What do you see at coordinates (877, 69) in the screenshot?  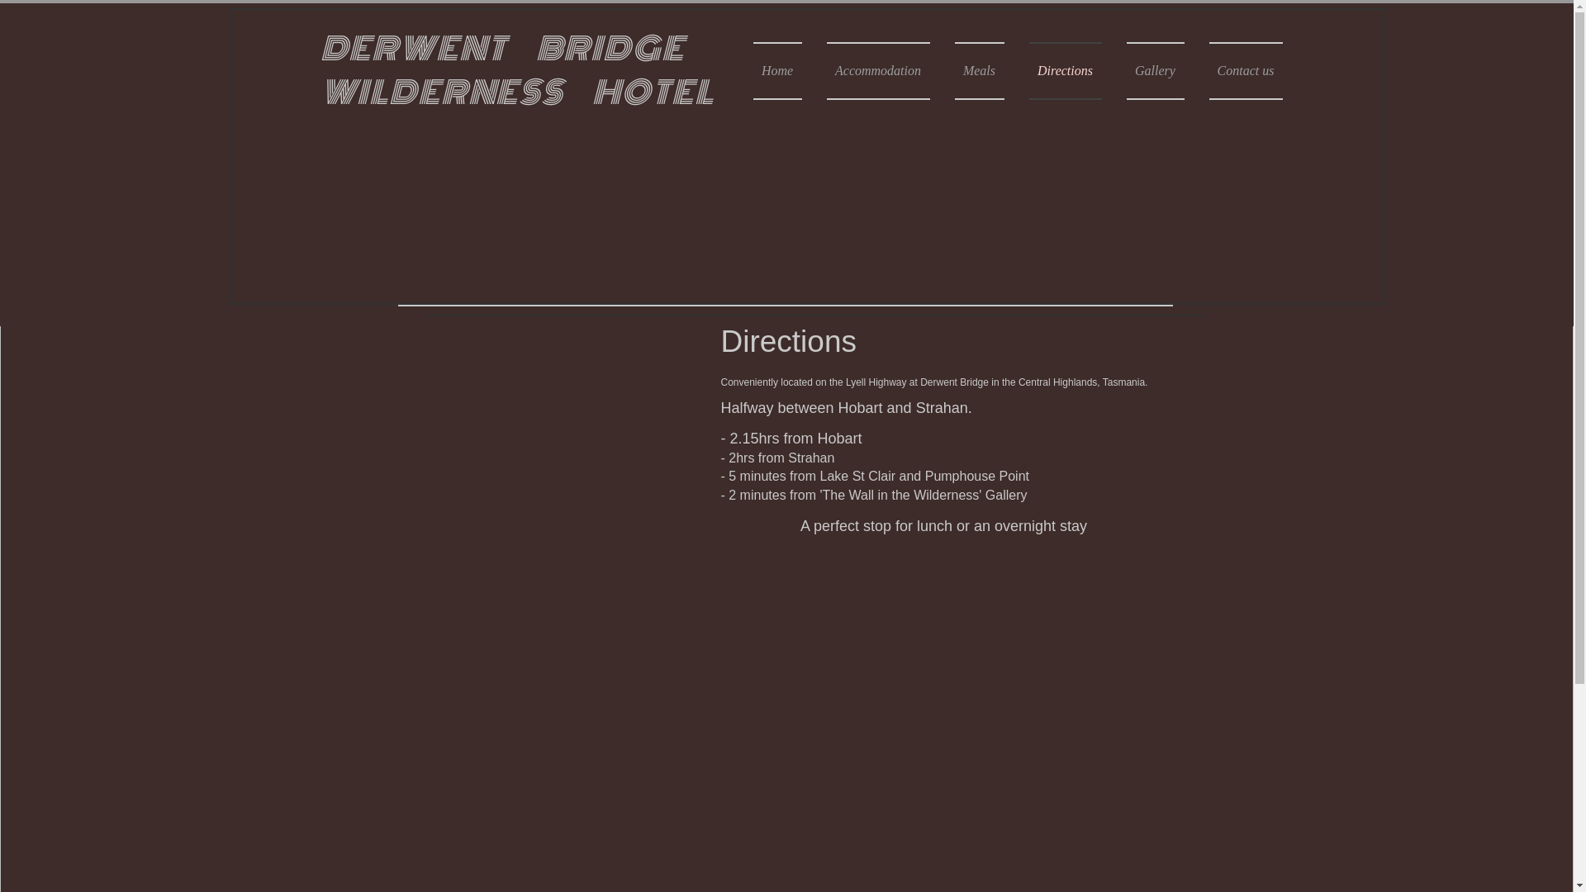 I see `'Accommodation'` at bounding box center [877, 69].